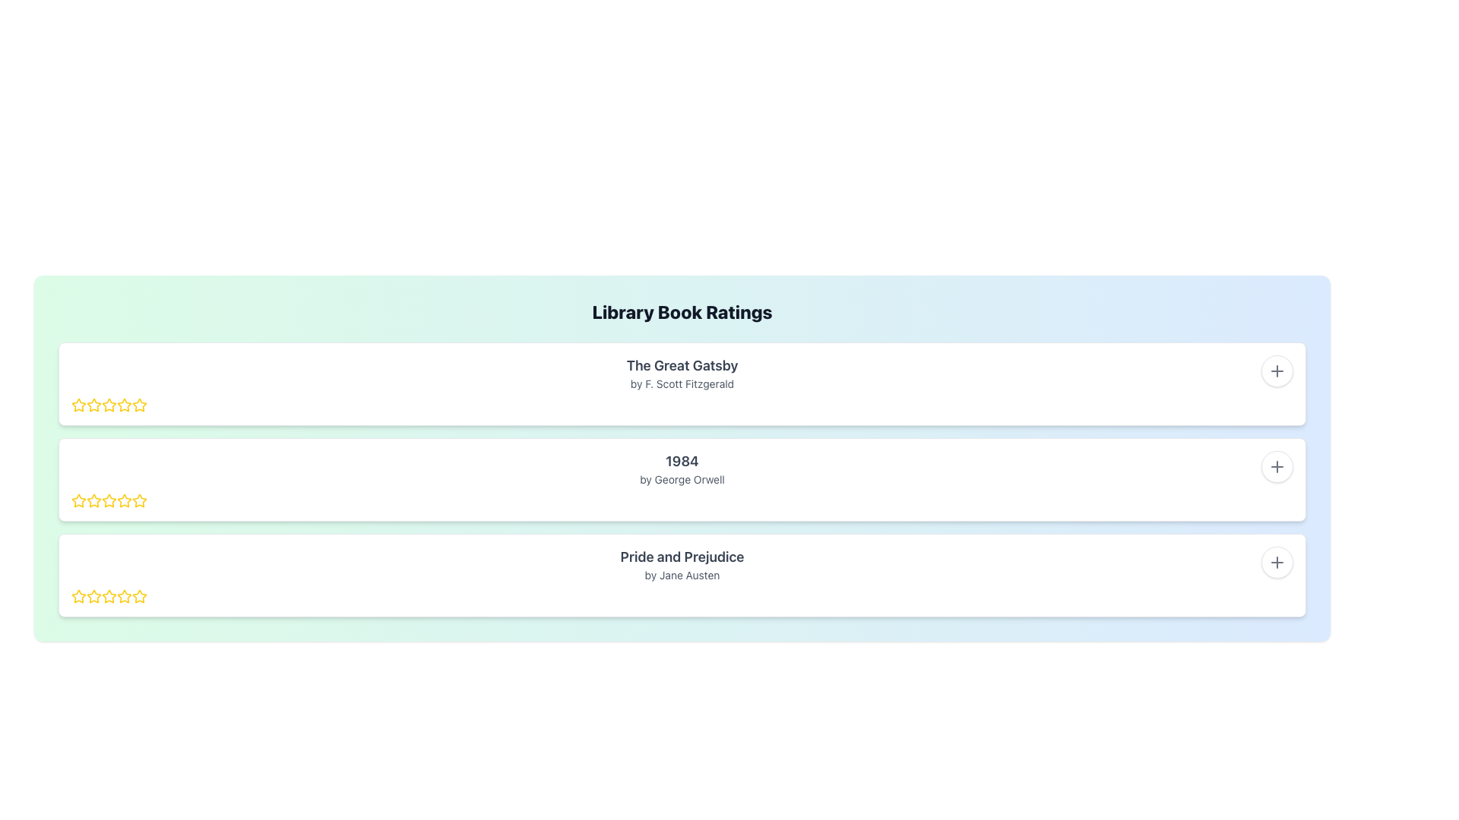  What do you see at coordinates (78, 500) in the screenshot?
I see `the first star icon in the rating row to rate the book '1984' by George Orwell` at bounding box center [78, 500].